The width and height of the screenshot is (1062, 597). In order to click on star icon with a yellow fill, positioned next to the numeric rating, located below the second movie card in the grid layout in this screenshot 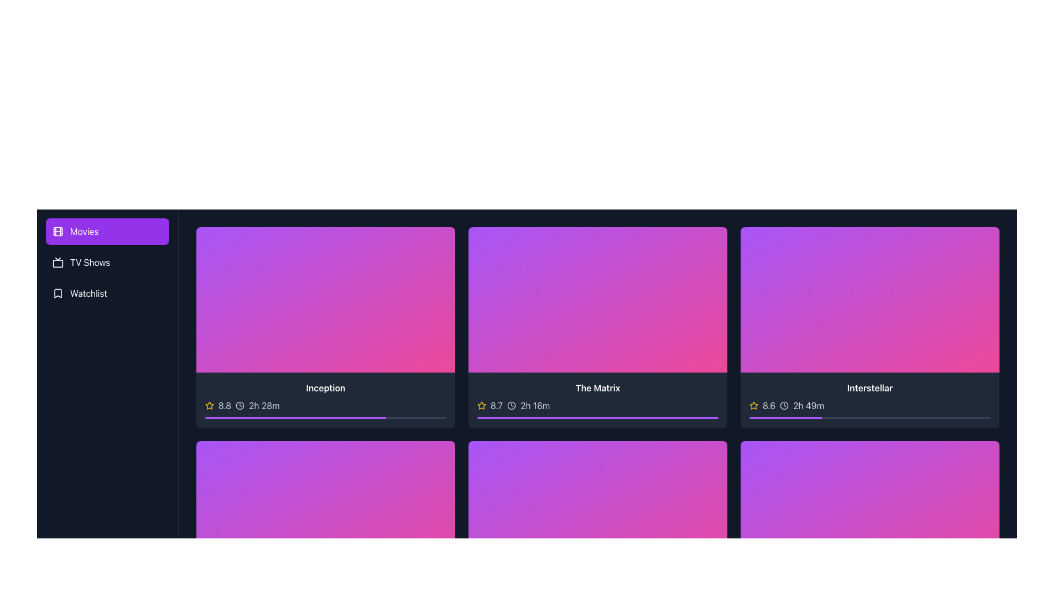, I will do `click(481, 405)`.